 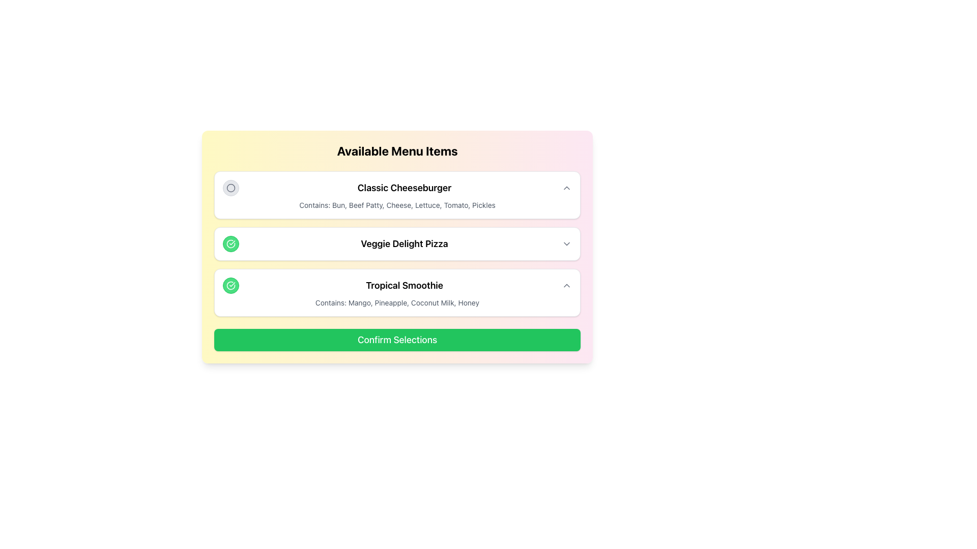 What do you see at coordinates (566, 243) in the screenshot?
I see `the Dropdown toggle icon next to 'Veggie Delight Pizza' to enable keyboard navigation` at bounding box center [566, 243].